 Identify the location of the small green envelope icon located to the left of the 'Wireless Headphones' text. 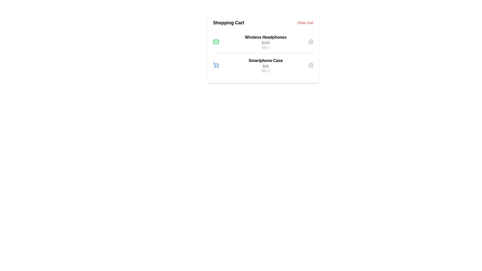
(216, 41).